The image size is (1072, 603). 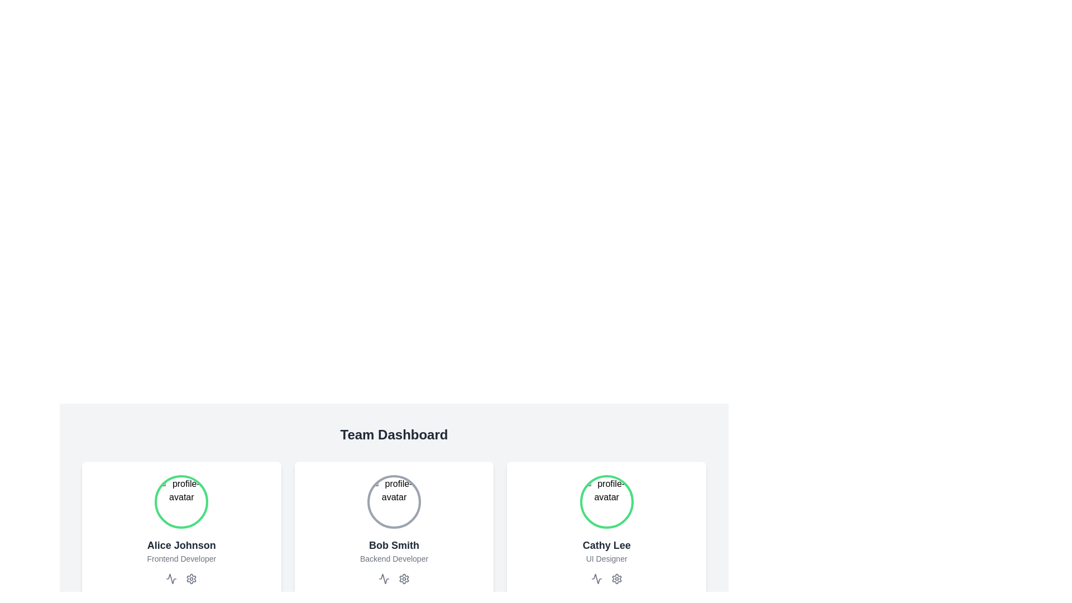 What do you see at coordinates (394, 559) in the screenshot?
I see `the text label reading 'Backend Developer' styled in light gray font, positioned below 'Bob Smith' in the Team Dashboard section` at bounding box center [394, 559].